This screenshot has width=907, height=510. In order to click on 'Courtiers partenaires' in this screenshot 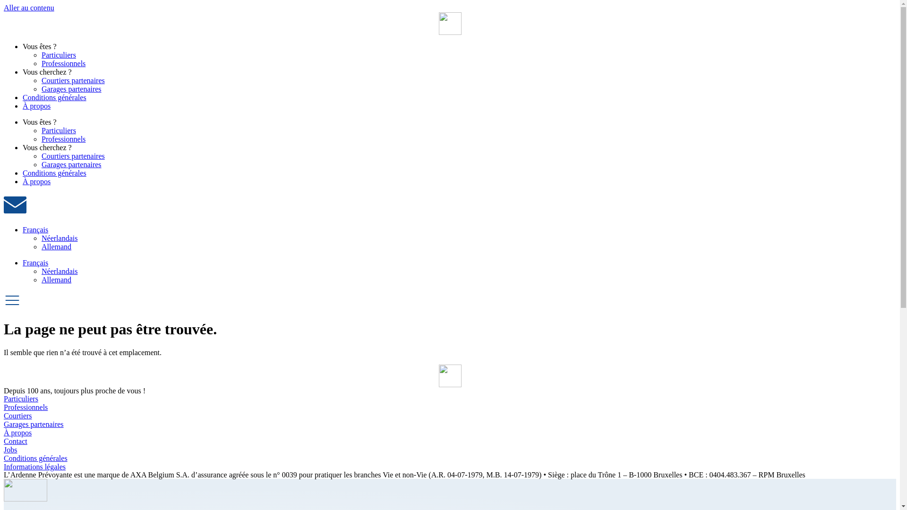, I will do `click(72, 155)`.